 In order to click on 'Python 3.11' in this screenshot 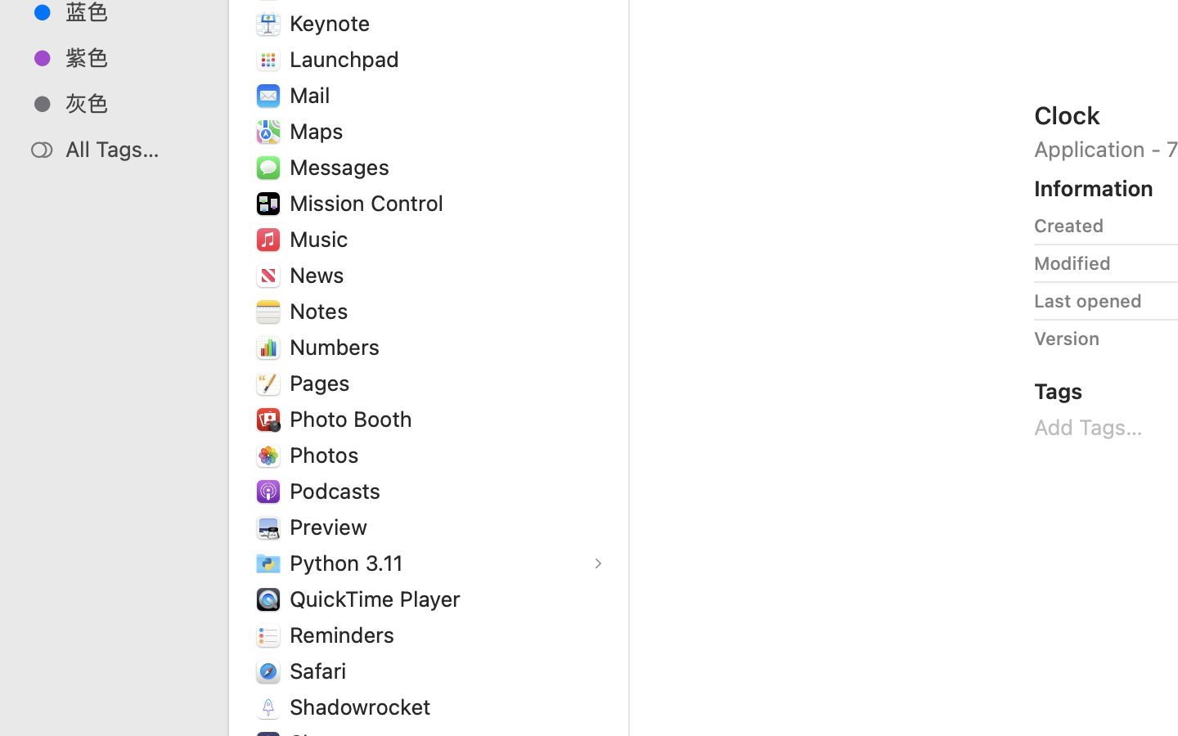, I will do `click(349, 561)`.